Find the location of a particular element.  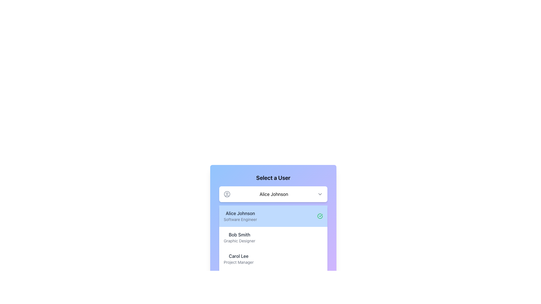

the avatar or profile icon associated with the user 'Alice Johnson' is located at coordinates (227, 194).